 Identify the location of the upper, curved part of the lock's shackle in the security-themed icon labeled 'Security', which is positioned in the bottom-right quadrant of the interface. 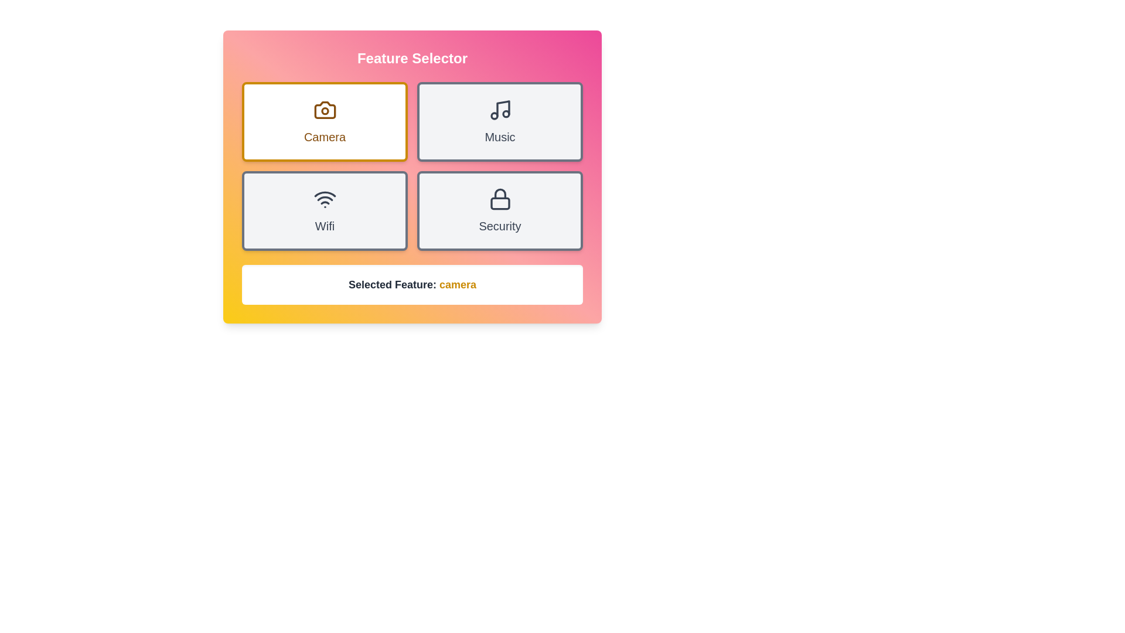
(500, 193).